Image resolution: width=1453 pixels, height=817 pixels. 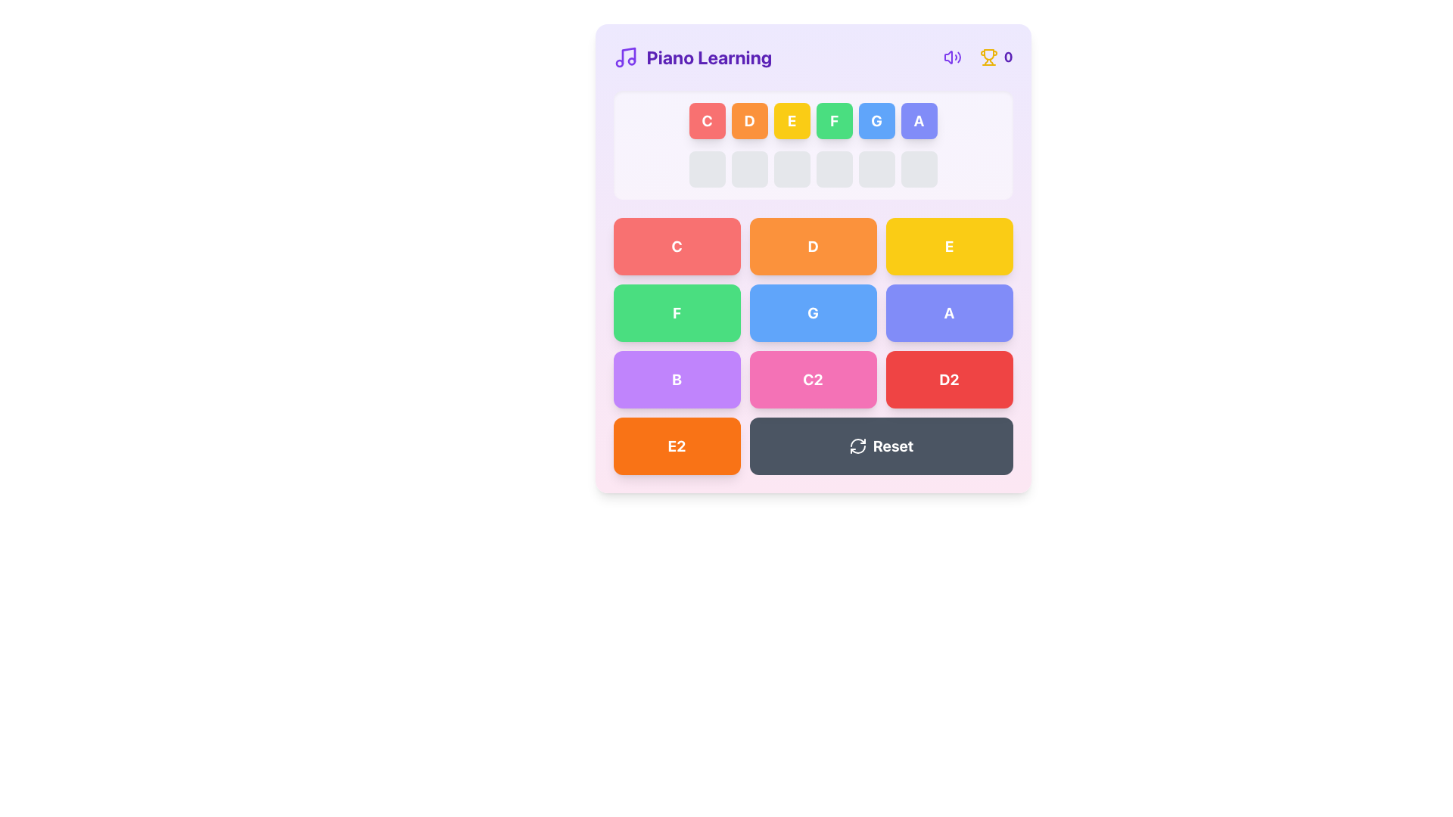 What do you see at coordinates (951, 57) in the screenshot?
I see `the circular violet button with a speaker icon at the top-right corner of the interface` at bounding box center [951, 57].